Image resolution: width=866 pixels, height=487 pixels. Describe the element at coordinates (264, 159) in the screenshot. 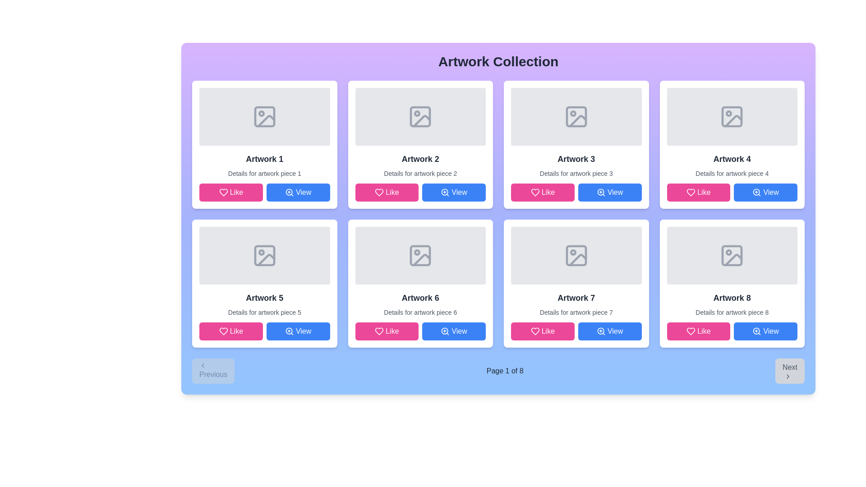

I see `the text label displaying 'Artwork 1' in bold, large gray font, located in the top-left card of the artwork grid, directly below the image placeholder` at that location.